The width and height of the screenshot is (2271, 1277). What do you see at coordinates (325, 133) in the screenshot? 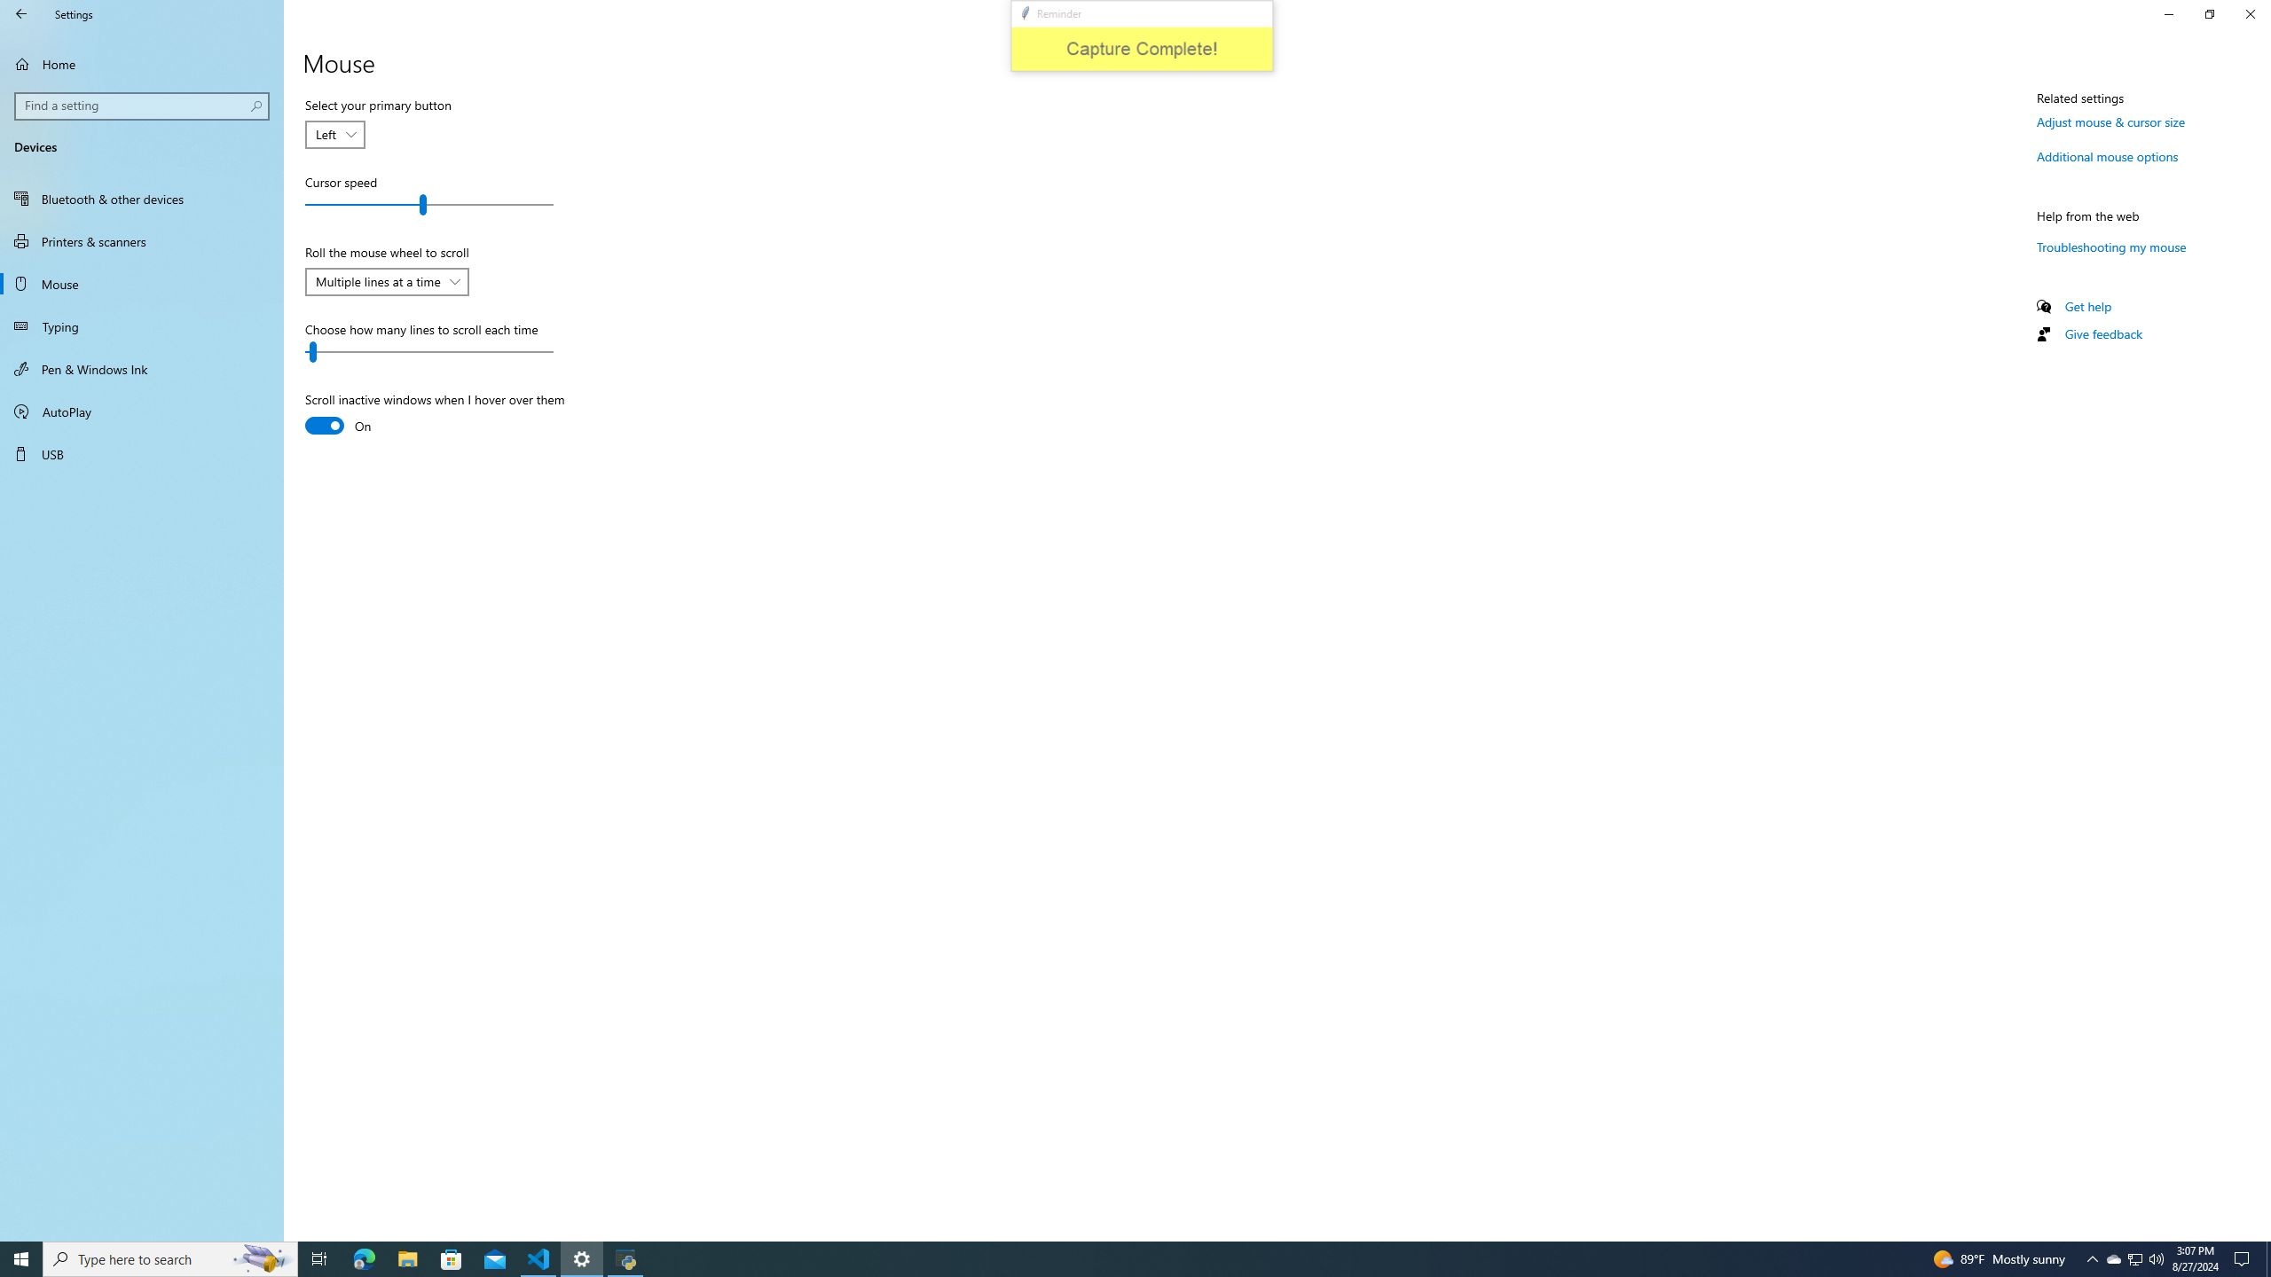
I see `'Left'` at bounding box center [325, 133].